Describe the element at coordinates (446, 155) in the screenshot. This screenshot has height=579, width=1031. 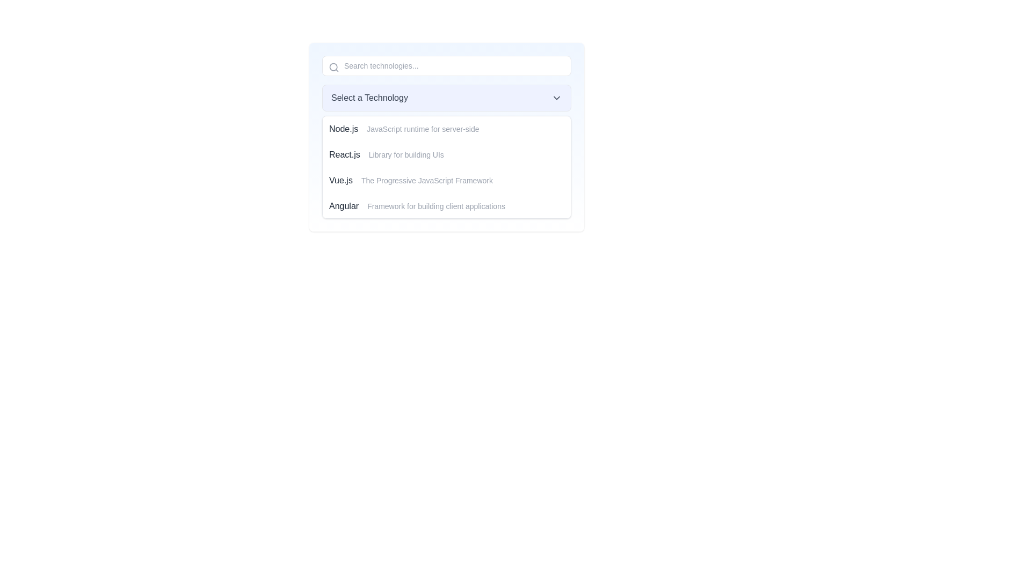
I see `the List item labeled 'React.js' within the dropdown menu` at that location.